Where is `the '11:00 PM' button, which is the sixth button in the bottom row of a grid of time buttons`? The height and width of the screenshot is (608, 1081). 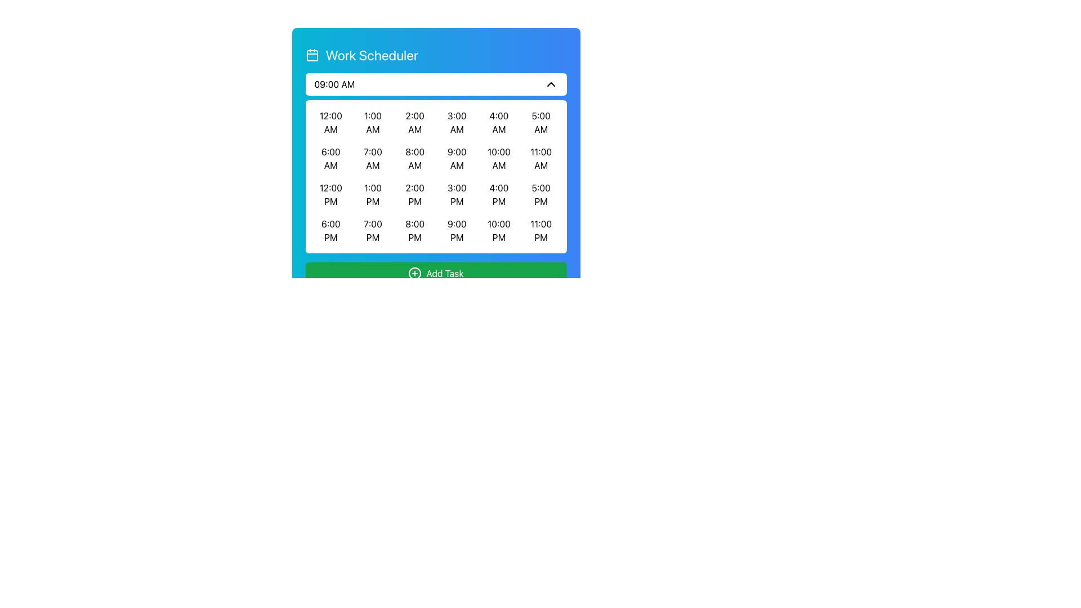
the '11:00 PM' button, which is the sixth button in the bottom row of a grid of time buttons is located at coordinates (541, 230).